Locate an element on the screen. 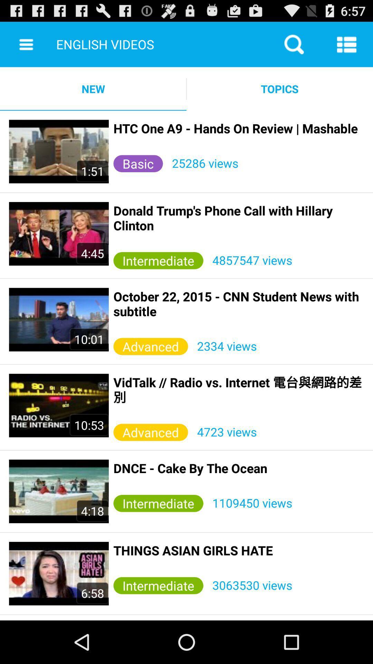  the list icon is located at coordinates (346, 47).